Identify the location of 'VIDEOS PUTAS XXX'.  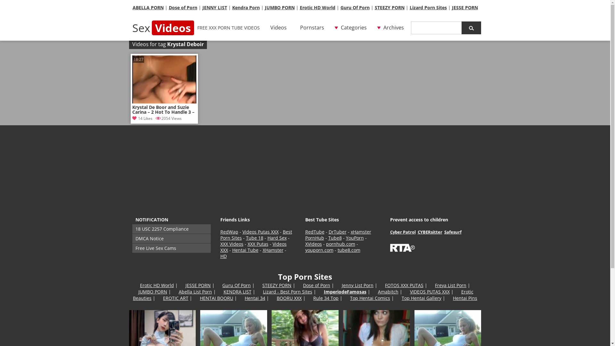
(430, 292).